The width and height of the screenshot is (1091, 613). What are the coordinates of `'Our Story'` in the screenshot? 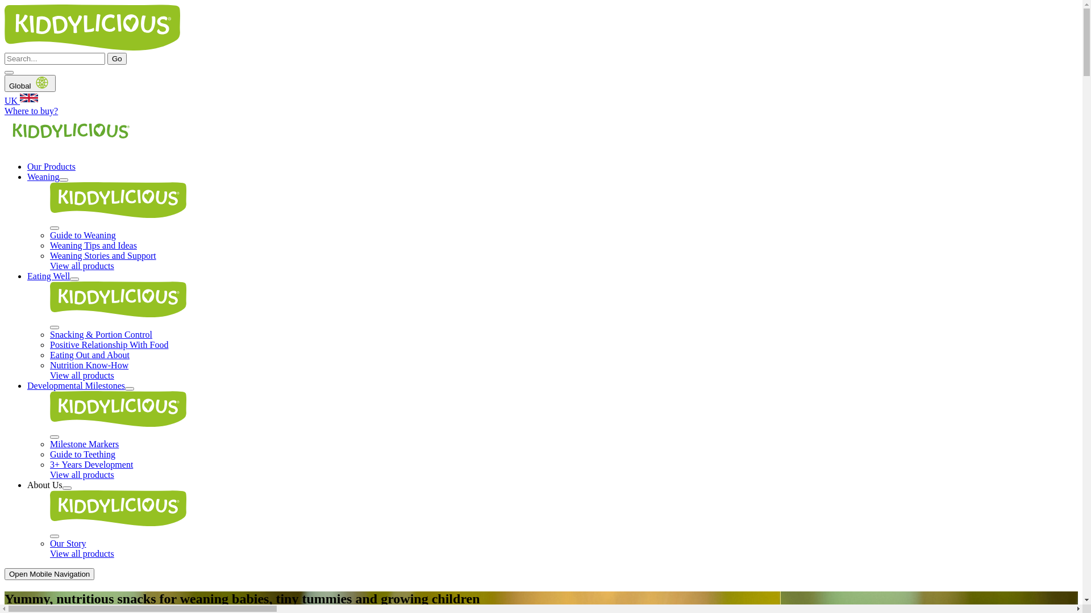 It's located at (68, 543).